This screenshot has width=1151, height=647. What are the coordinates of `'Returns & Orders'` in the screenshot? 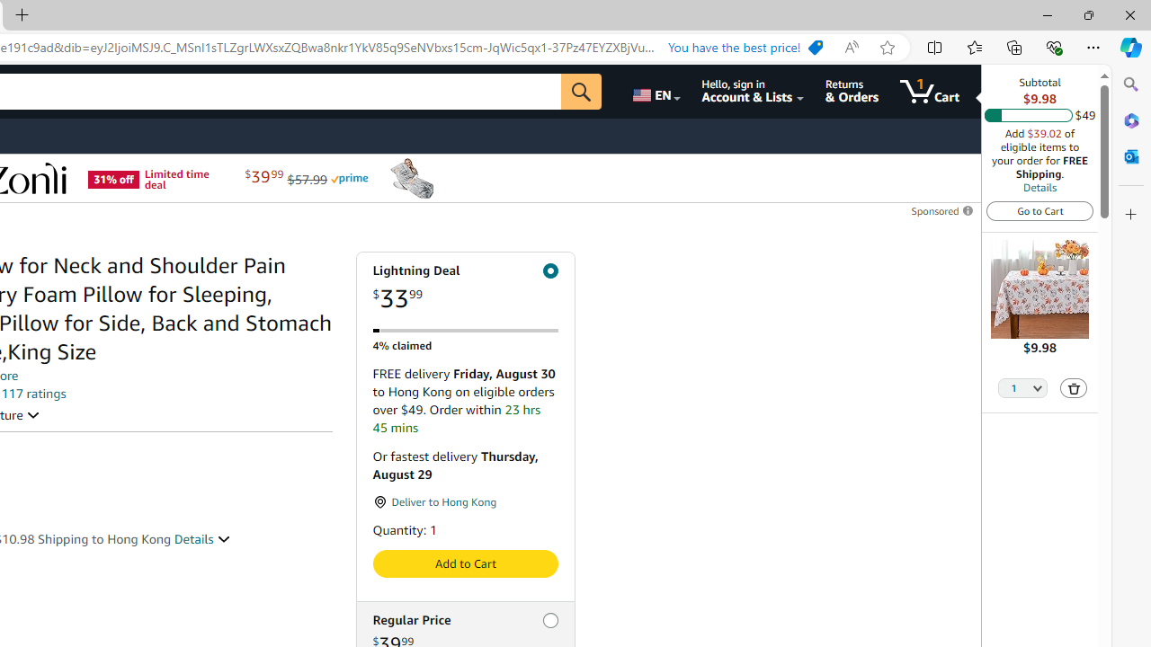 It's located at (851, 91).